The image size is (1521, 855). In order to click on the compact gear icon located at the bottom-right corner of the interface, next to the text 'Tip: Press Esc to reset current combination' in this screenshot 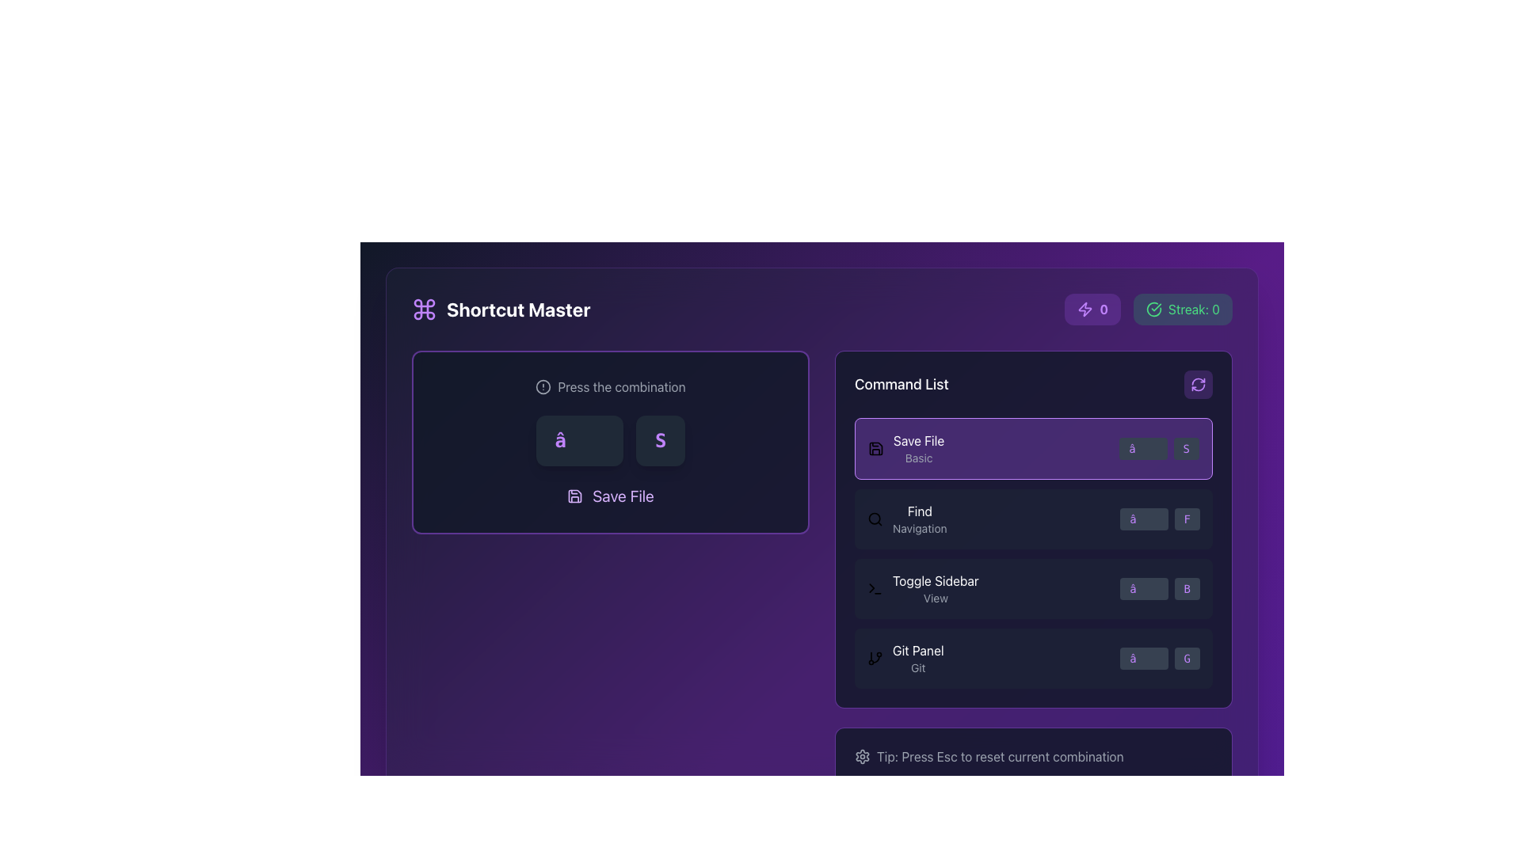, I will do `click(862, 756)`.